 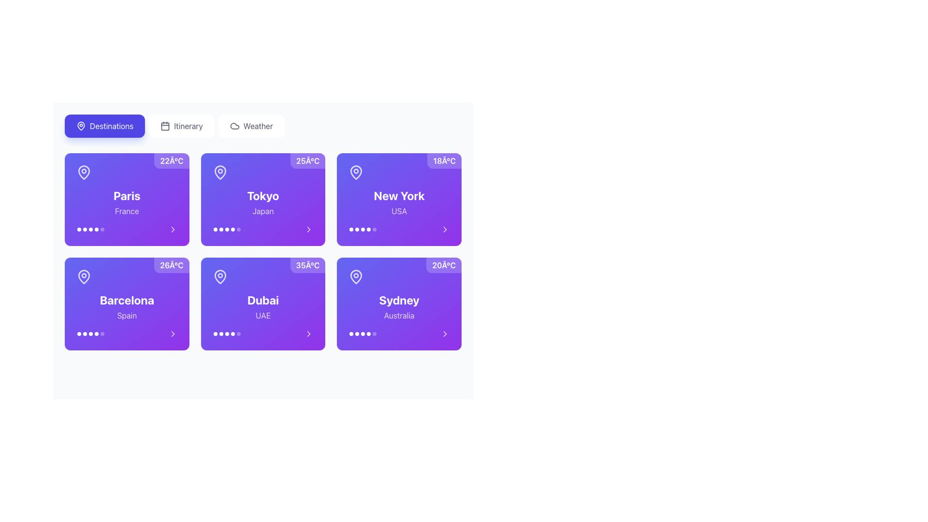 What do you see at coordinates (90, 333) in the screenshot?
I see `the center dot of the progress indicator located at the bottom edge of the 'Barcelona' card` at bounding box center [90, 333].